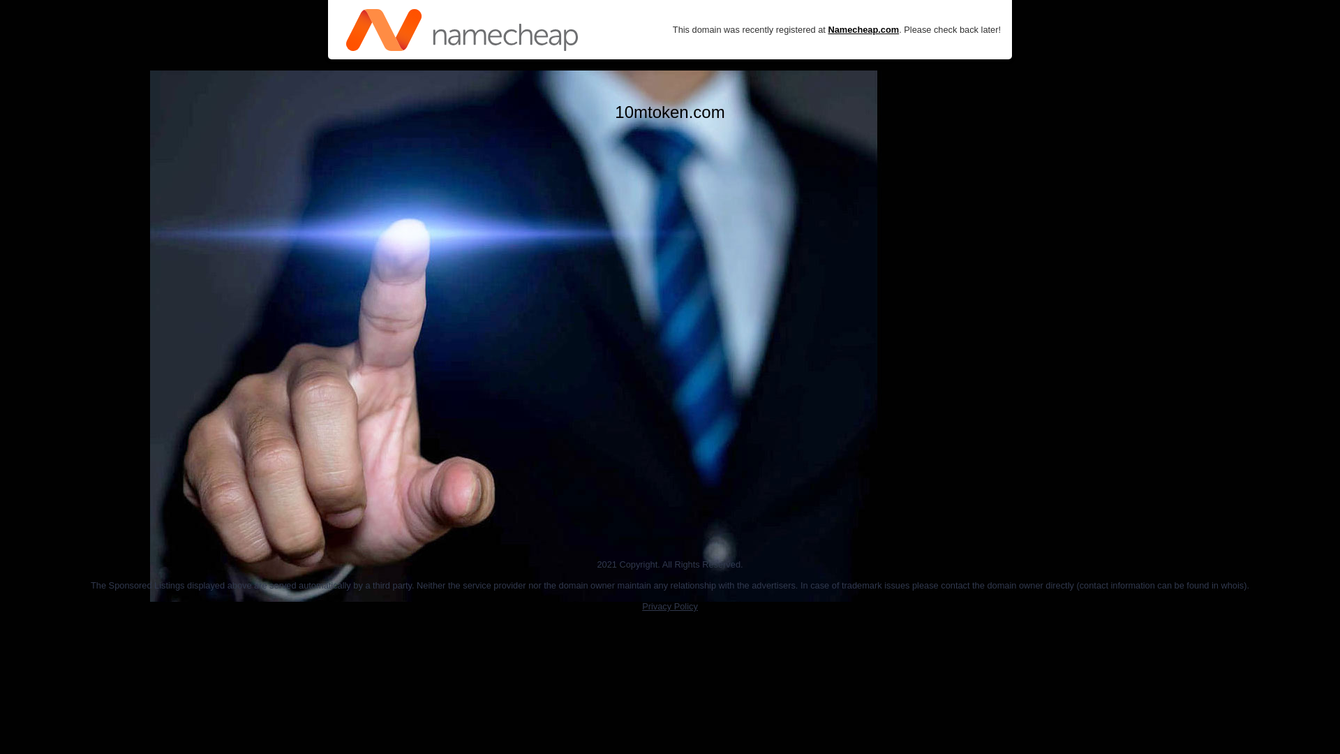 The width and height of the screenshot is (1340, 754). What do you see at coordinates (462, 29) in the screenshot?
I see `'Registered at Namecheap.com'` at bounding box center [462, 29].